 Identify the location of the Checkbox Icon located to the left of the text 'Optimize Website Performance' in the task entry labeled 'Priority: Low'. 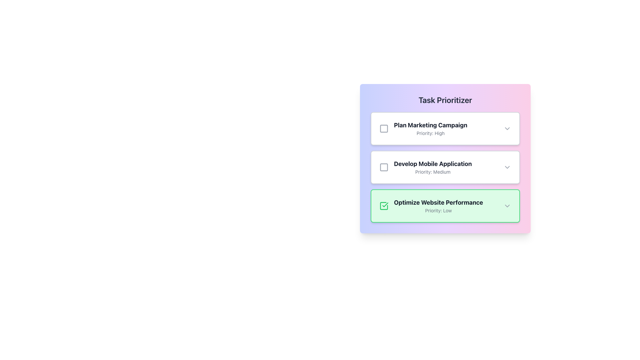
(384, 205).